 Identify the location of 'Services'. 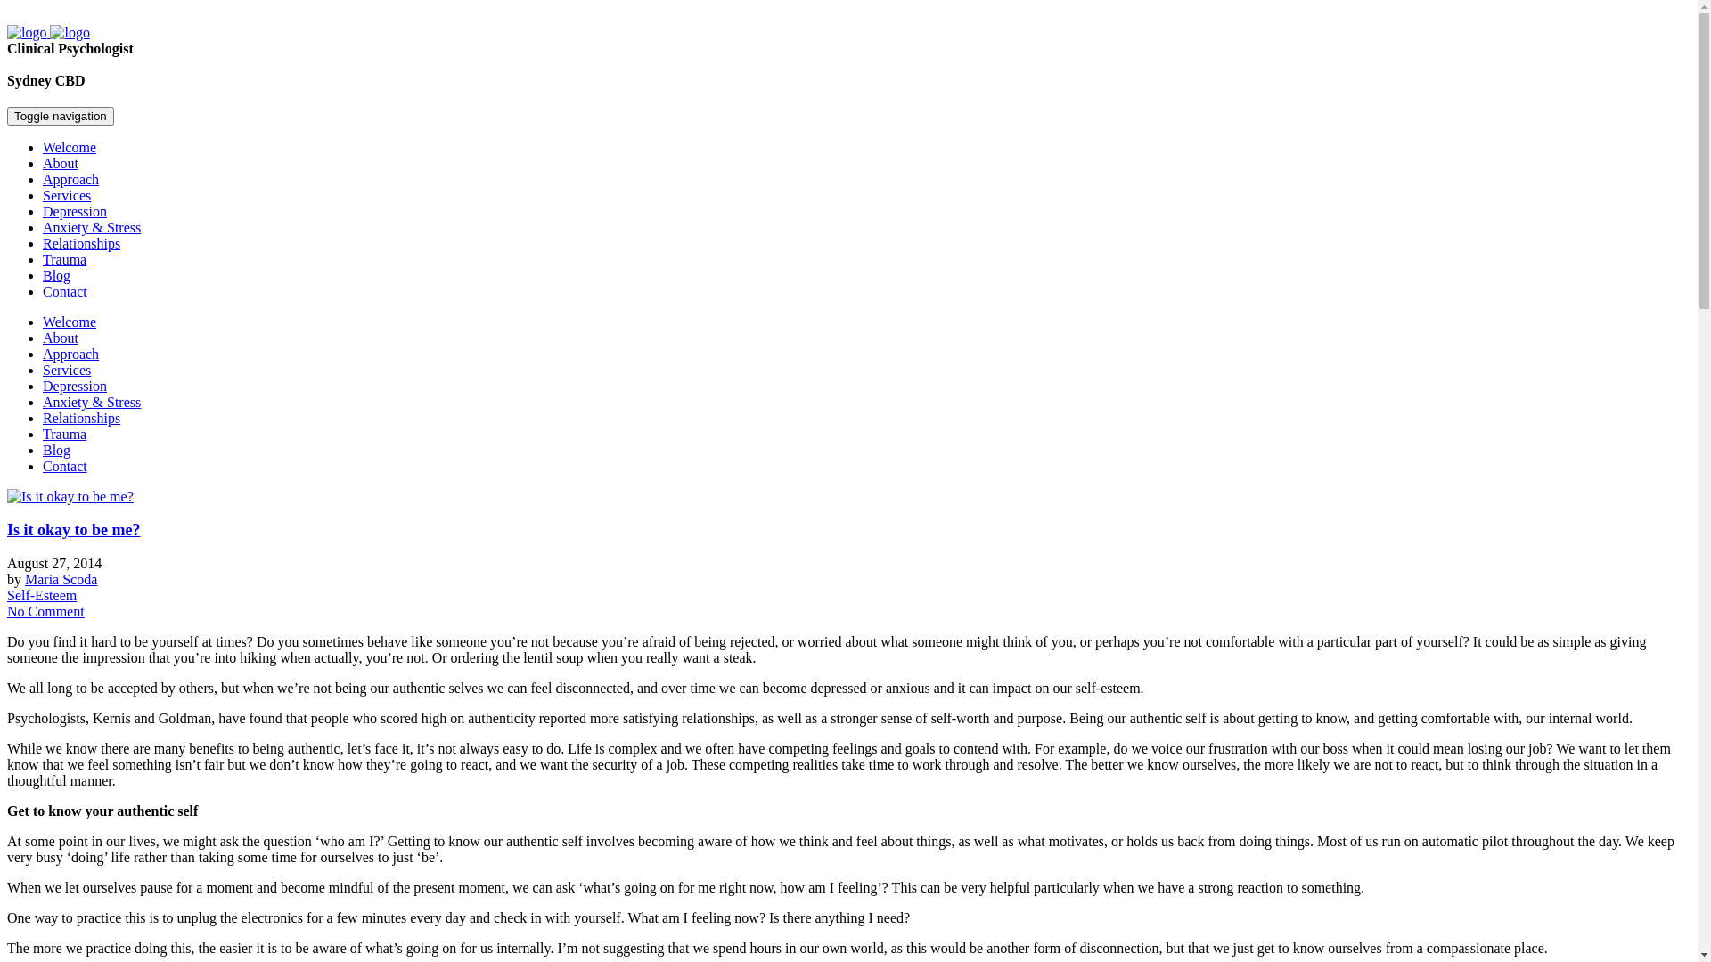
(67, 195).